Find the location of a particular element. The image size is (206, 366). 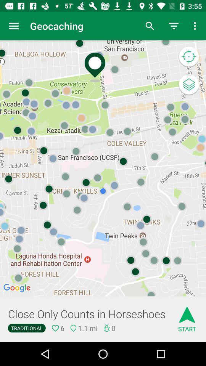

the layers icon is located at coordinates (188, 85).